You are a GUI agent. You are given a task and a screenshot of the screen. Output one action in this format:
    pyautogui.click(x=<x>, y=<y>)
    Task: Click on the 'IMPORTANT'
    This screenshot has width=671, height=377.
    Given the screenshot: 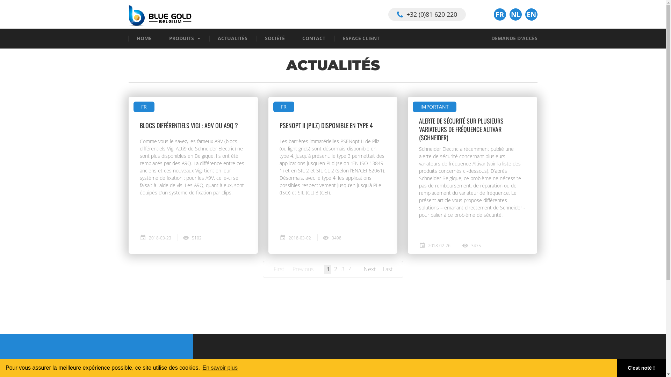 What is the action you would take?
    pyautogui.click(x=412, y=106)
    